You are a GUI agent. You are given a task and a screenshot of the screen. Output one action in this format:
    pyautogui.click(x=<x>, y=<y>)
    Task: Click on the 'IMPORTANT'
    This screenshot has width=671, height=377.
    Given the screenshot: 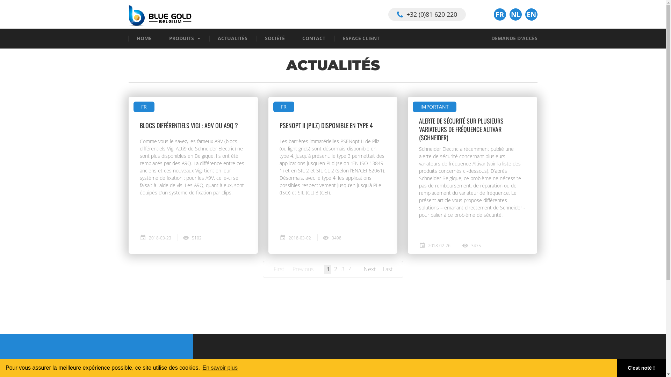 What is the action you would take?
    pyautogui.click(x=412, y=106)
    